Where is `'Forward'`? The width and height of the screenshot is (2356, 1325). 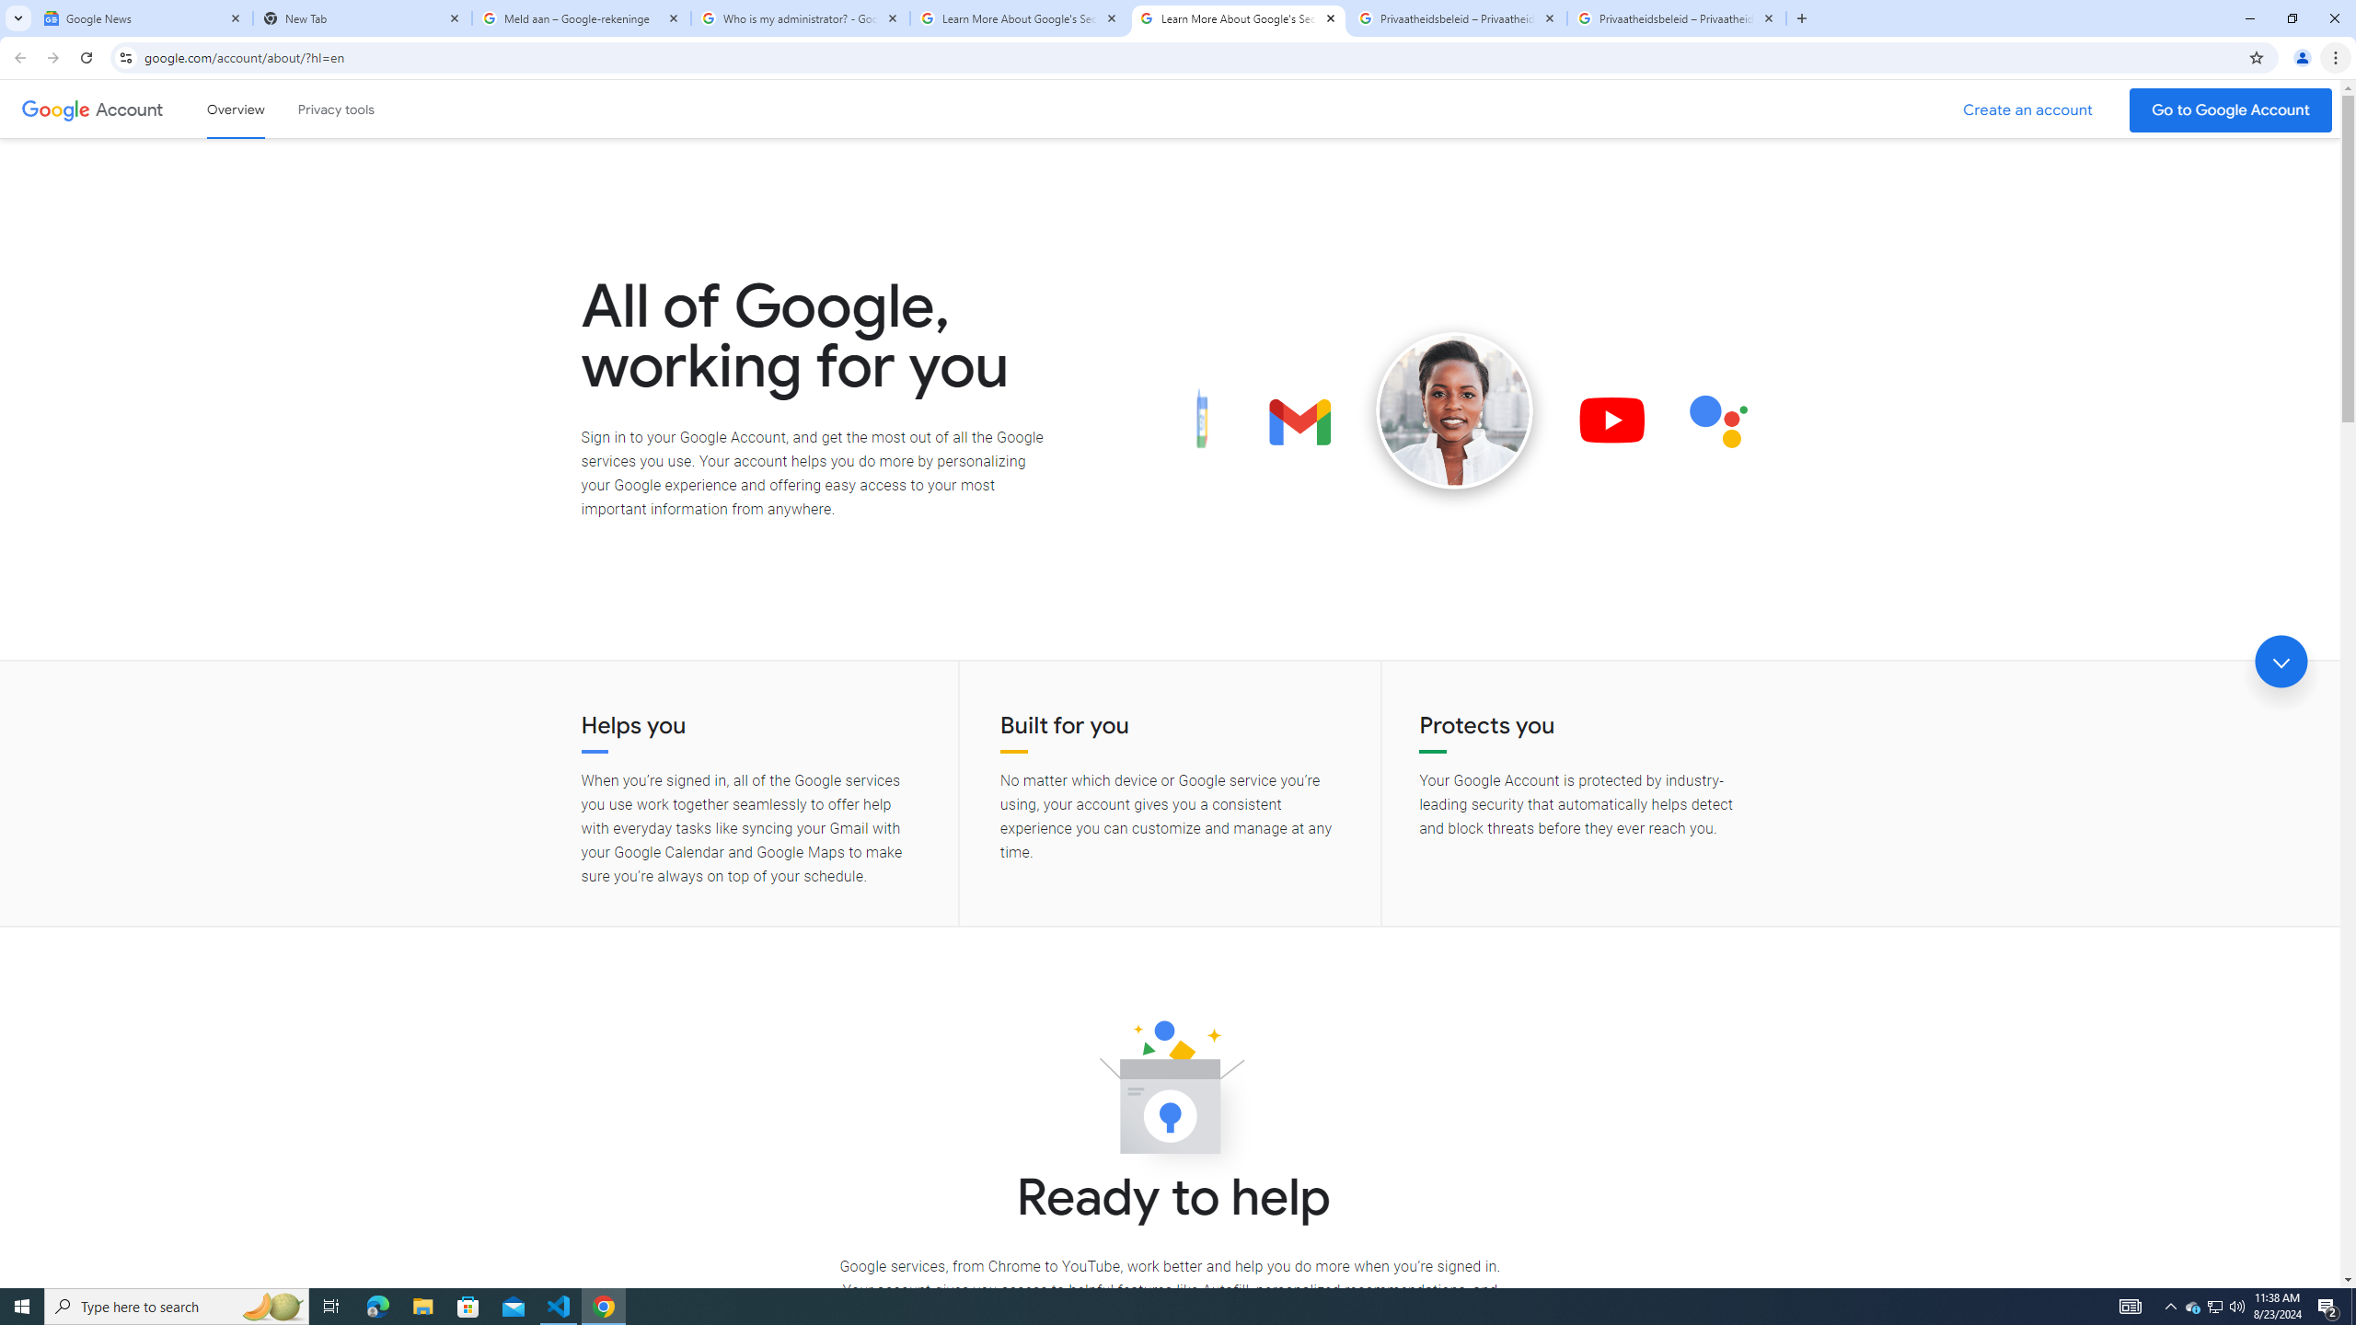
'Forward' is located at coordinates (52, 57).